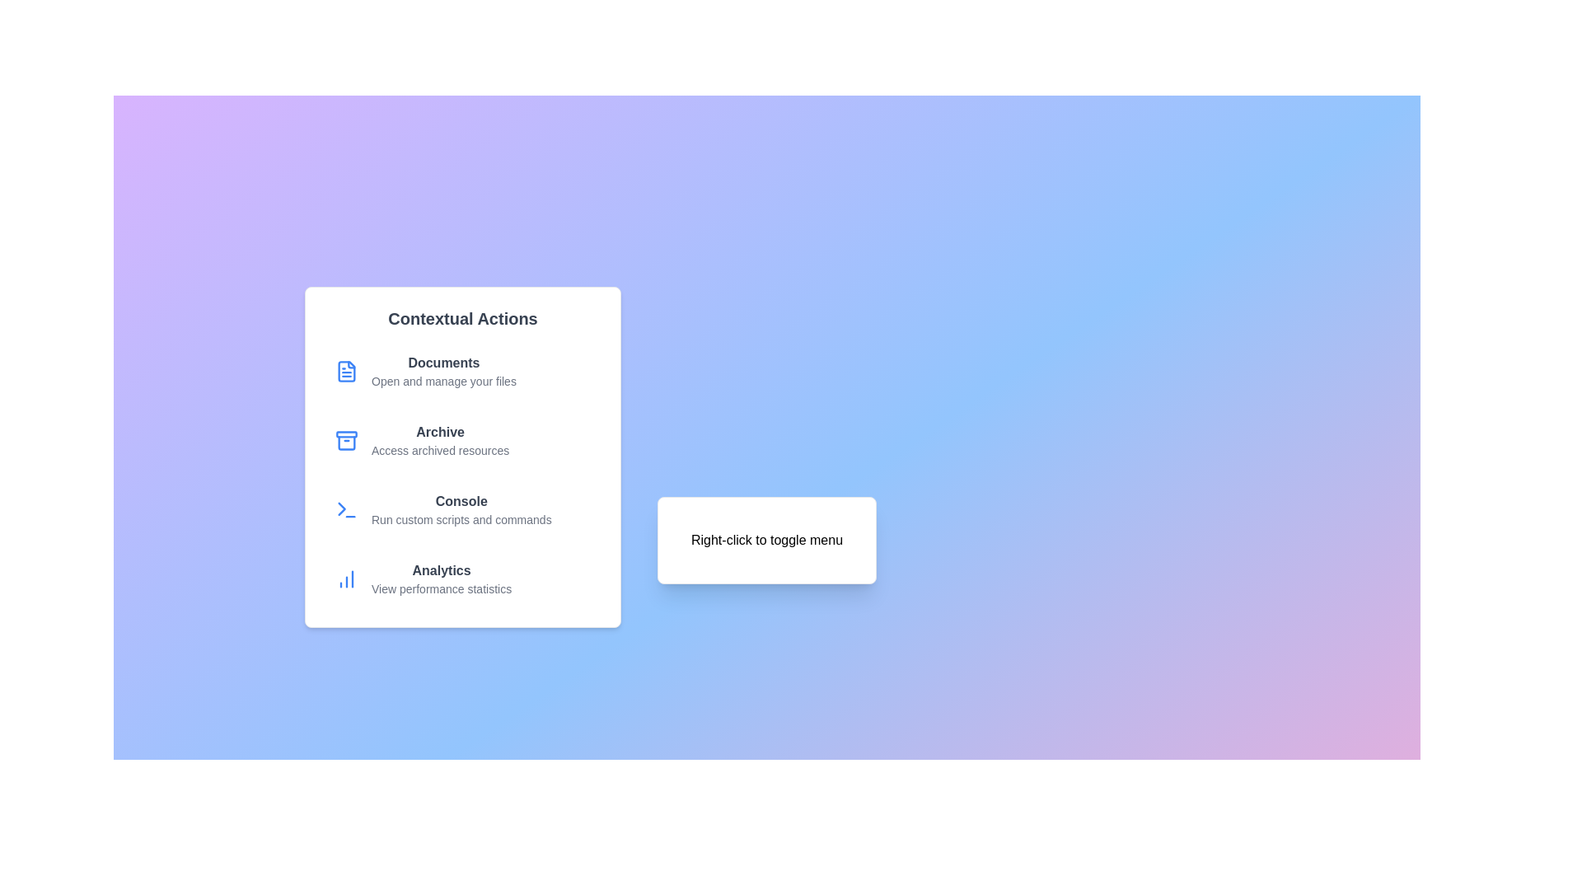 The width and height of the screenshot is (1582, 890). I want to click on the menu option Analytics to view its hover effect, so click(461, 578).